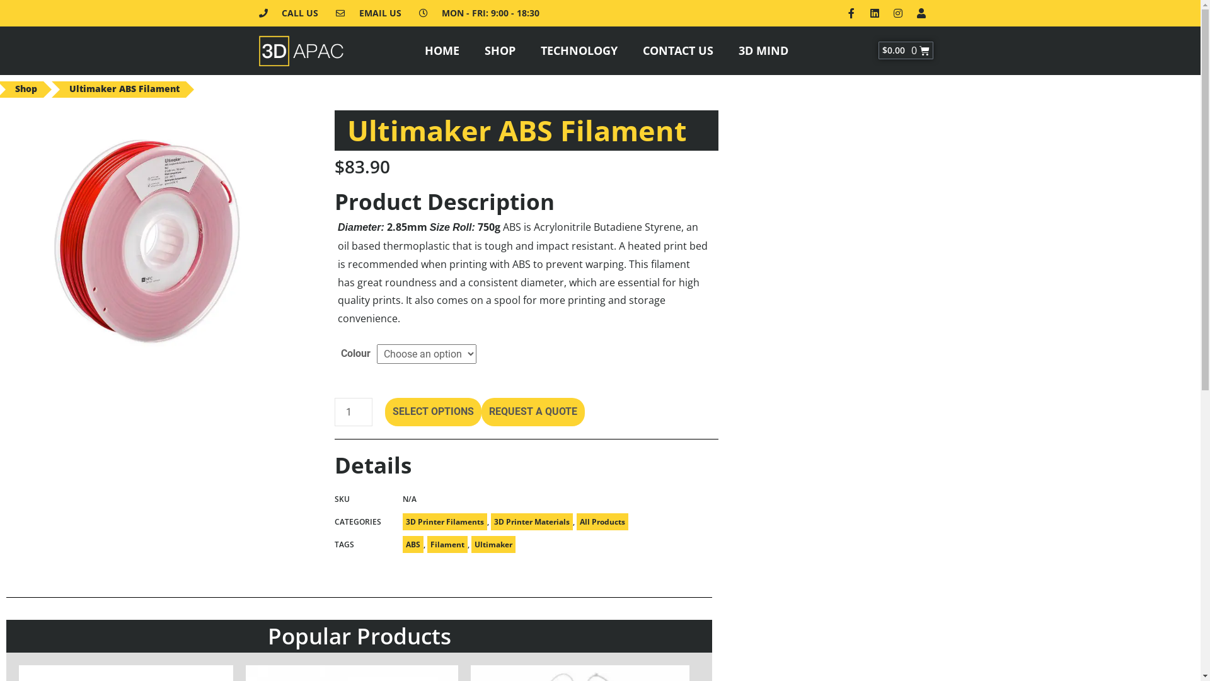  What do you see at coordinates (413, 544) in the screenshot?
I see `'ABS'` at bounding box center [413, 544].